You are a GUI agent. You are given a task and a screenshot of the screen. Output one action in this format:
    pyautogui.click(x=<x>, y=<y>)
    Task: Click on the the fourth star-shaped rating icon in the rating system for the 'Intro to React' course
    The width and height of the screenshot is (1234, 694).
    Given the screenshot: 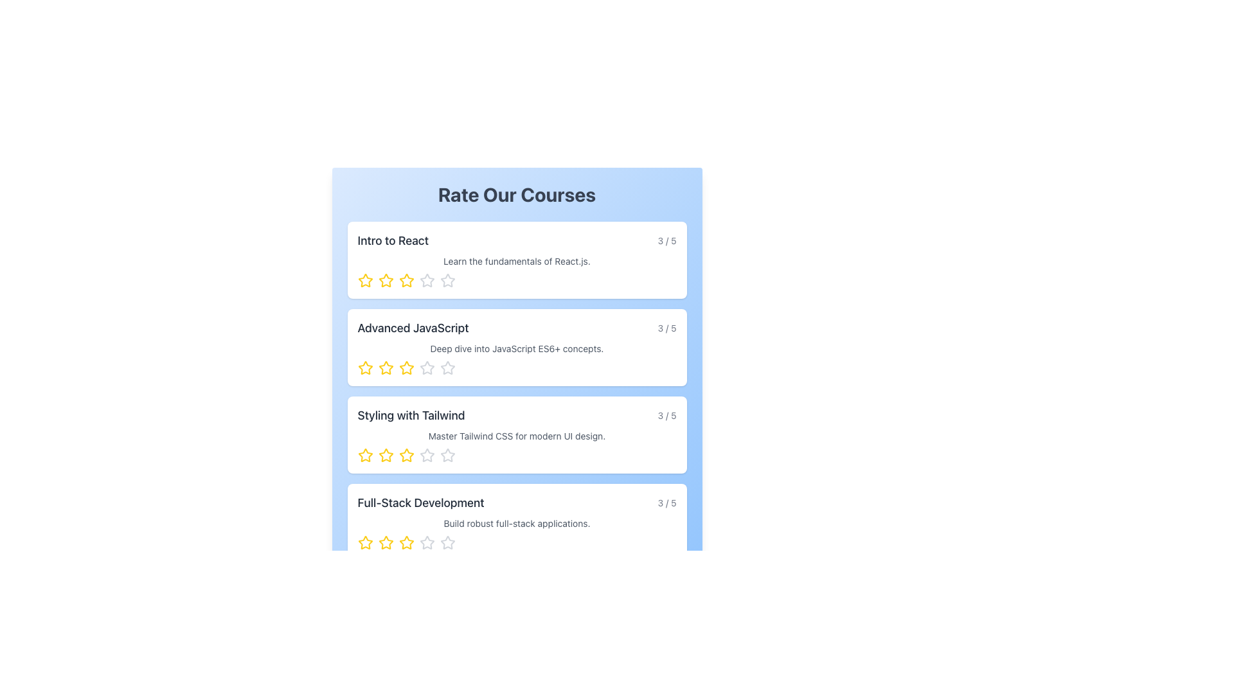 What is the action you would take?
    pyautogui.click(x=427, y=280)
    